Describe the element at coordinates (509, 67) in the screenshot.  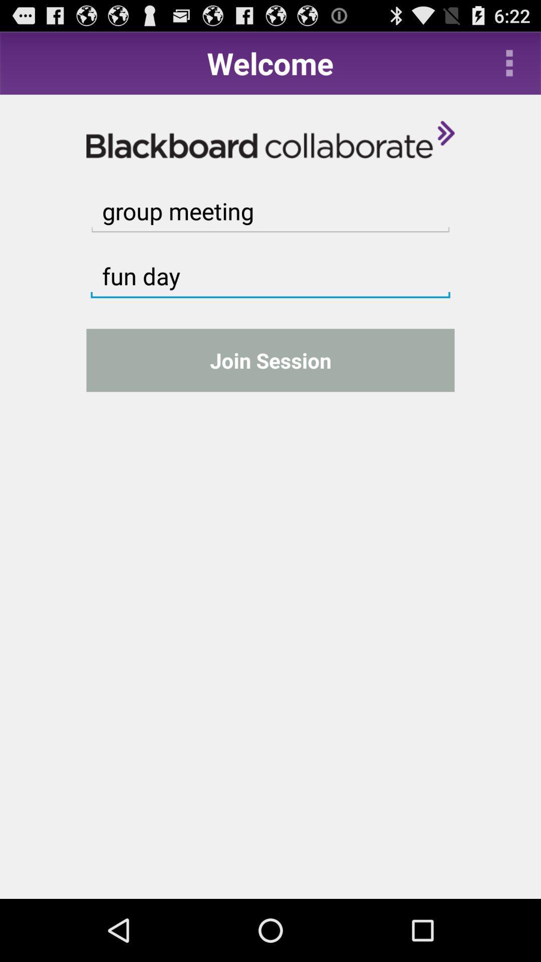
I see `the more icon` at that location.